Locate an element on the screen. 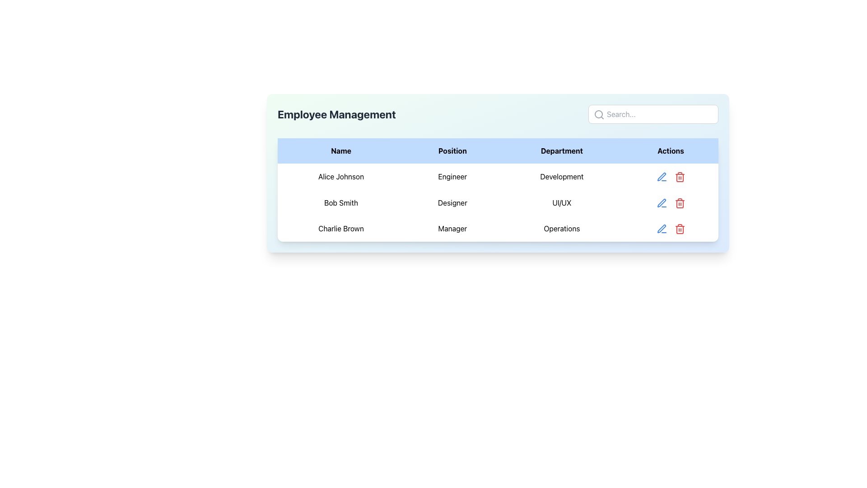 This screenshot has height=488, width=867. the red trash bin icon located in the 'Actions' column of the last row of the table is located at coordinates (680, 228).